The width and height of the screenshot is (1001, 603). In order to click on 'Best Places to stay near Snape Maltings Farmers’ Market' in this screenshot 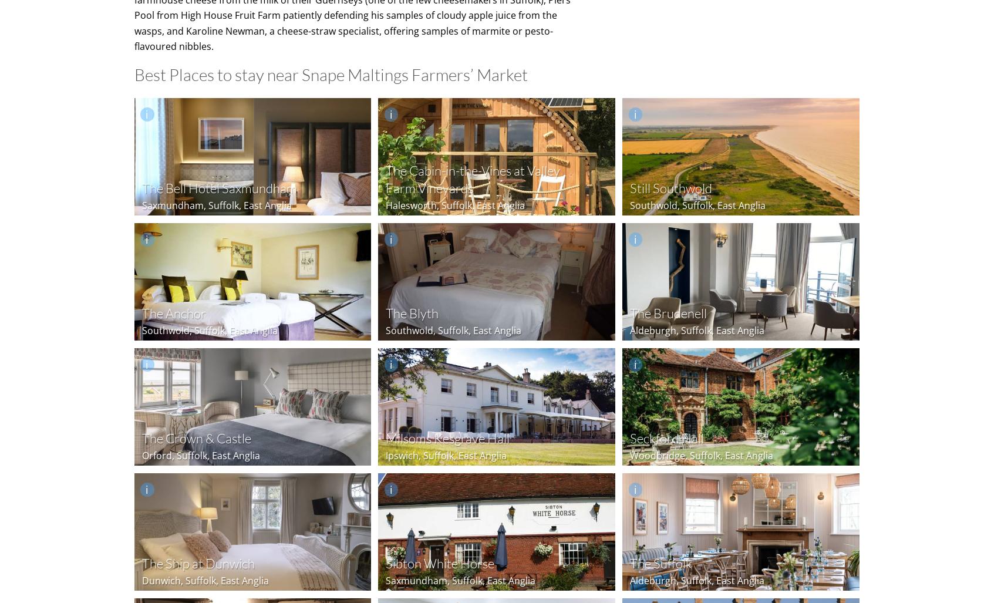, I will do `click(329, 74)`.